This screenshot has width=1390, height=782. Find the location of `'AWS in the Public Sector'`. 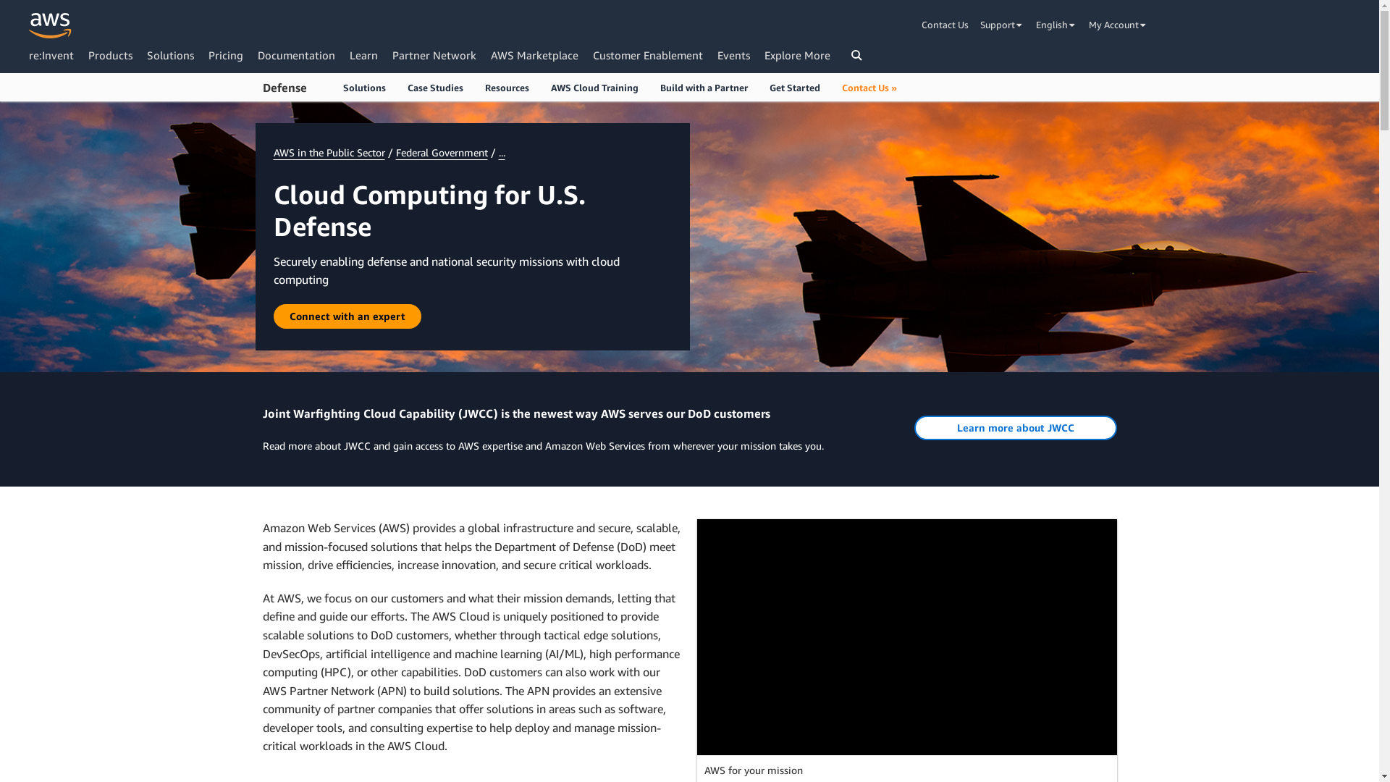

'AWS in the Public Sector' is located at coordinates (274, 152).